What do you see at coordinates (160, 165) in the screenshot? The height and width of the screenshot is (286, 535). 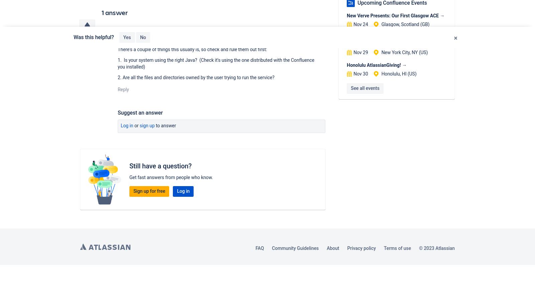 I see `'Still have a question?'` at bounding box center [160, 165].